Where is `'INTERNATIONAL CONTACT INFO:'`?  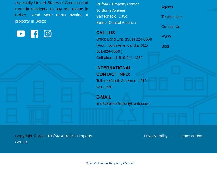
'INTERNATIONAL CONTACT INFO:' is located at coordinates (114, 71).